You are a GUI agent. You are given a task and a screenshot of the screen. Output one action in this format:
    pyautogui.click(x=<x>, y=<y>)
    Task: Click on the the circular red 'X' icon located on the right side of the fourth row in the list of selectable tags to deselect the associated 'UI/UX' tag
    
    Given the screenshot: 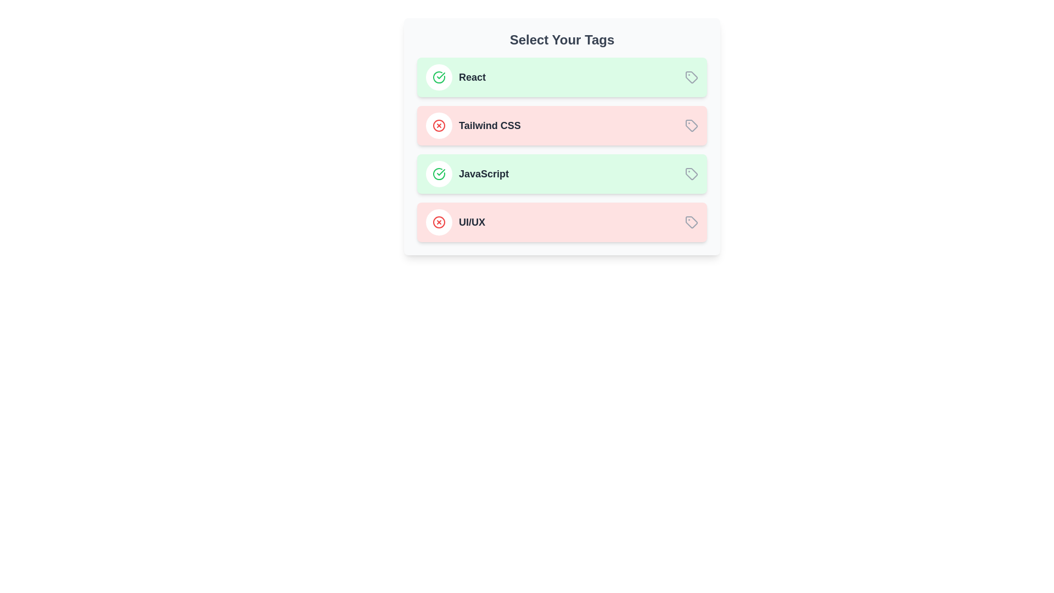 What is the action you would take?
    pyautogui.click(x=439, y=222)
    